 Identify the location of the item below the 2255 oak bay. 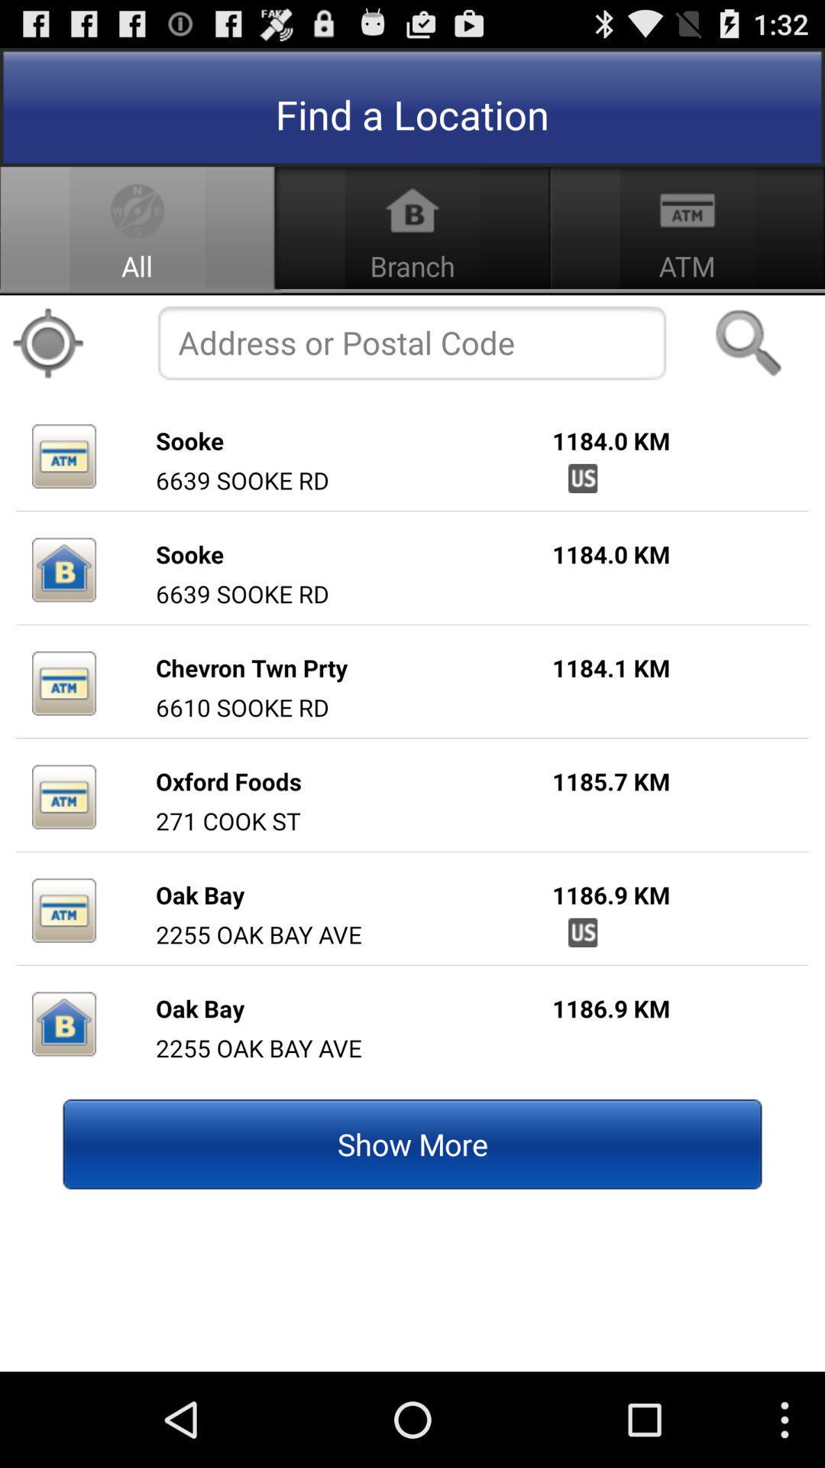
(412, 1144).